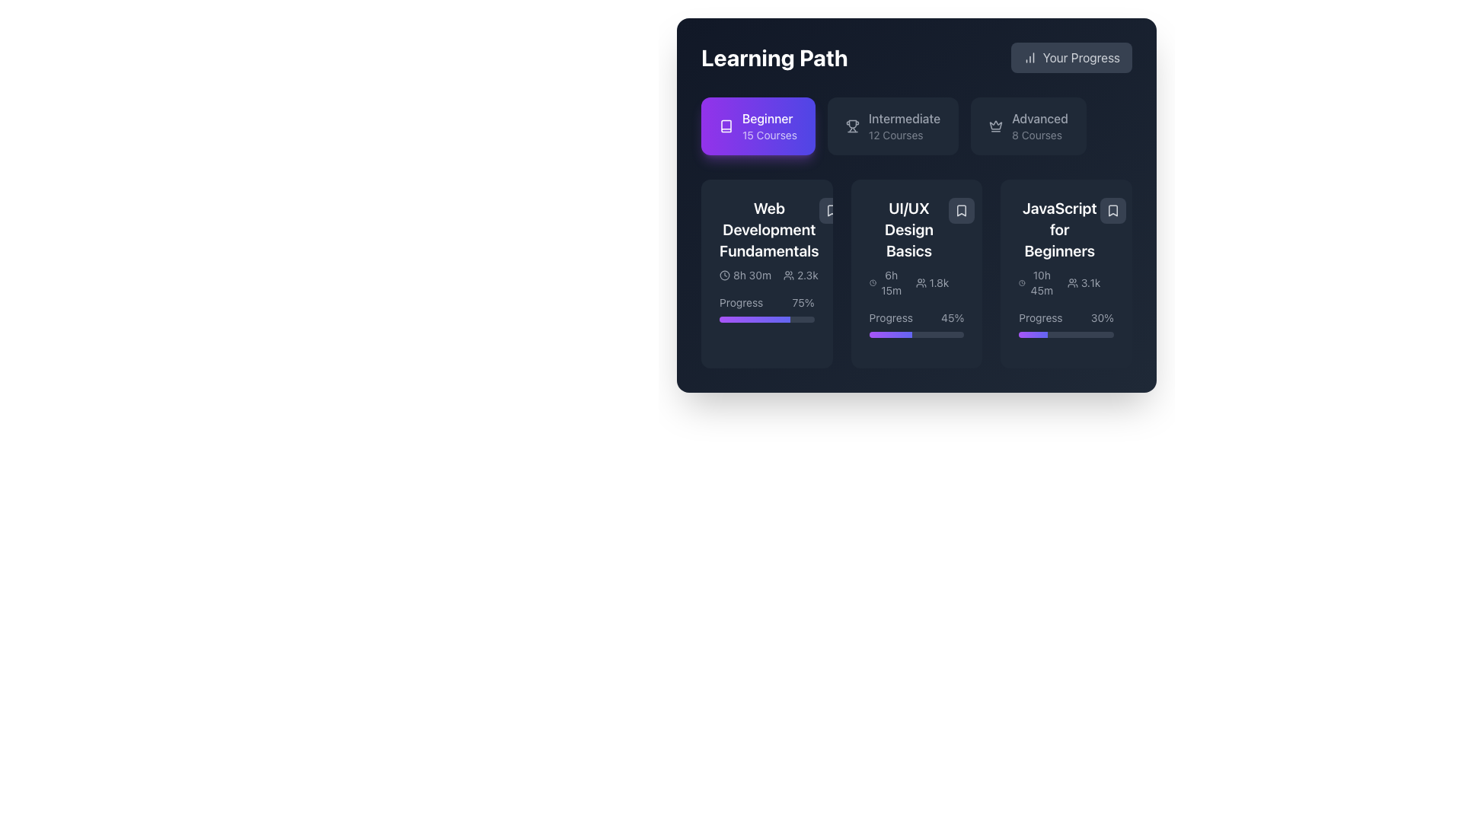  Describe the element at coordinates (1087, 333) in the screenshot. I see `the progress value` at that location.